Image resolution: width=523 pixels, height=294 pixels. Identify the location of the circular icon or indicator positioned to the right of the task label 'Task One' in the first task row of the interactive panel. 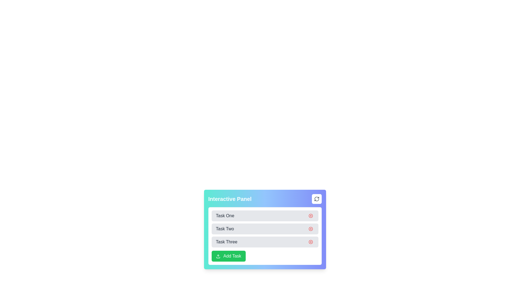
(311, 216).